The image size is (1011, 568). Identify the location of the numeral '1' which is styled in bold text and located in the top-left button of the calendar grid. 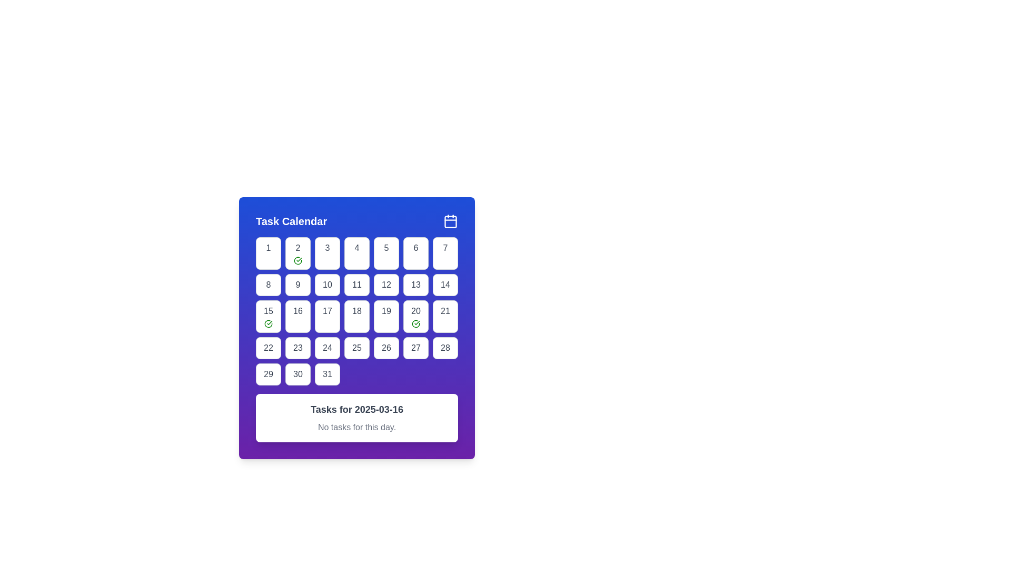
(268, 248).